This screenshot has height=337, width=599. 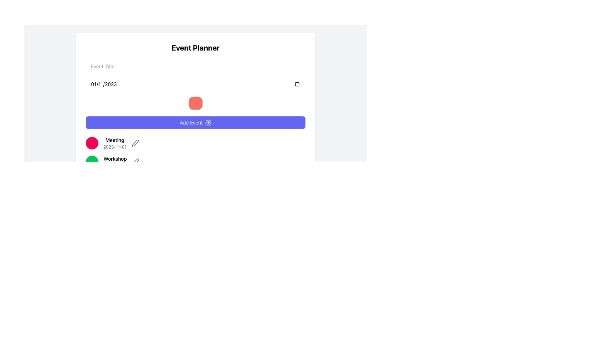 I want to click on details of the event displayed in the second list item, which includes the event name and date, positioned below the first item 'Meeting 2023-11-01', so click(x=195, y=162).